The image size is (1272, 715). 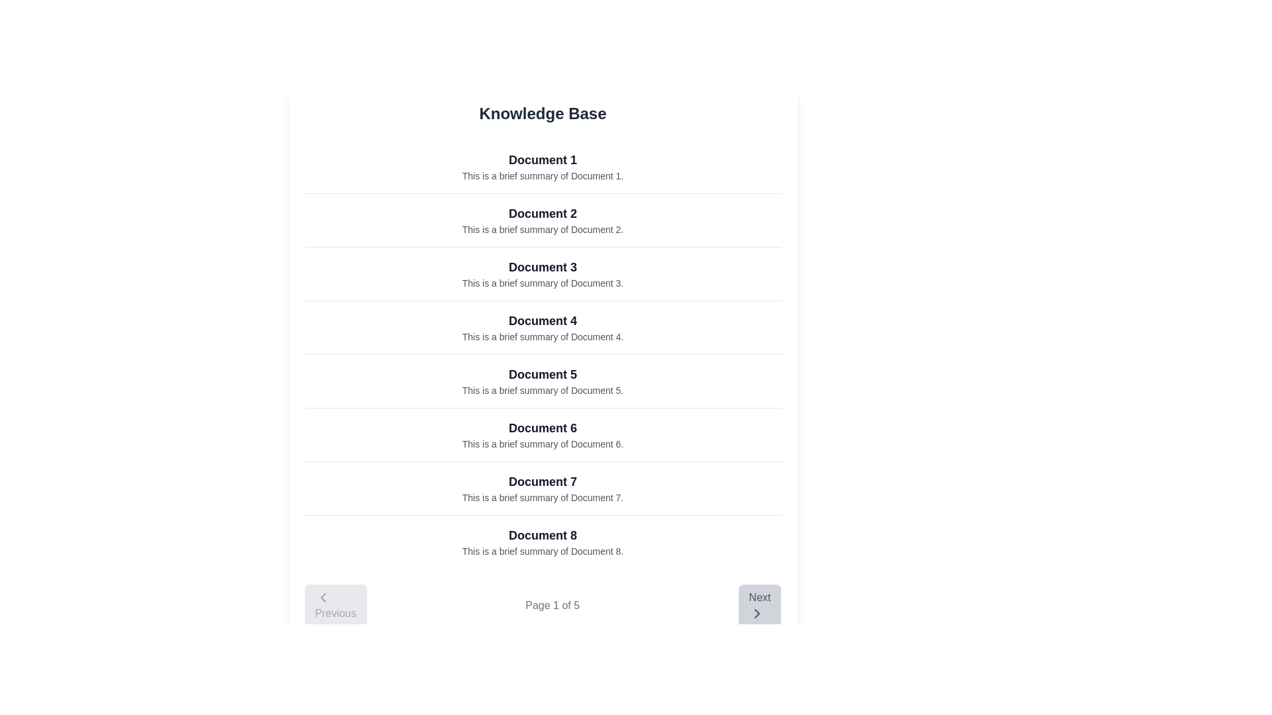 What do you see at coordinates (543, 498) in the screenshot?
I see `text content of the Text Label displaying 'This is a brief summary of Document 7.', which is positioned below the title 'Document 7' in a light gray color scheme` at bounding box center [543, 498].